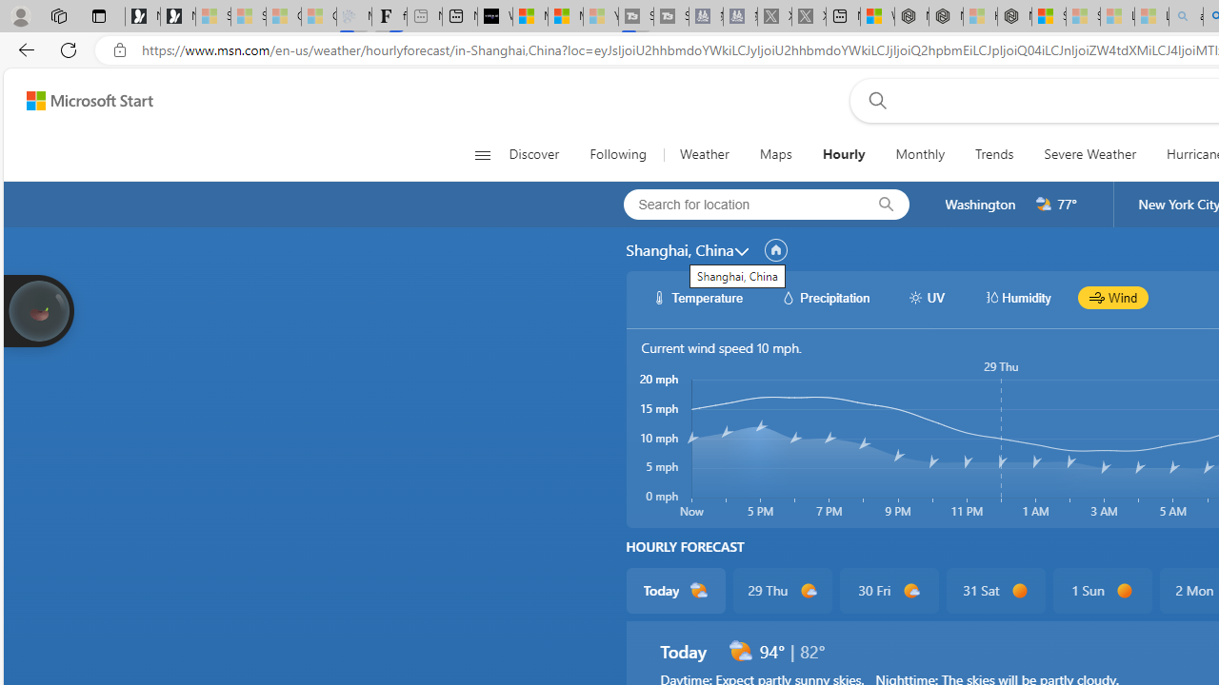 Image resolution: width=1219 pixels, height=685 pixels. Describe the element at coordinates (1013, 16) in the screenshot. I see `'Nordace - Nordace Siena Is Not An Ordinary Backpack'` at that location.